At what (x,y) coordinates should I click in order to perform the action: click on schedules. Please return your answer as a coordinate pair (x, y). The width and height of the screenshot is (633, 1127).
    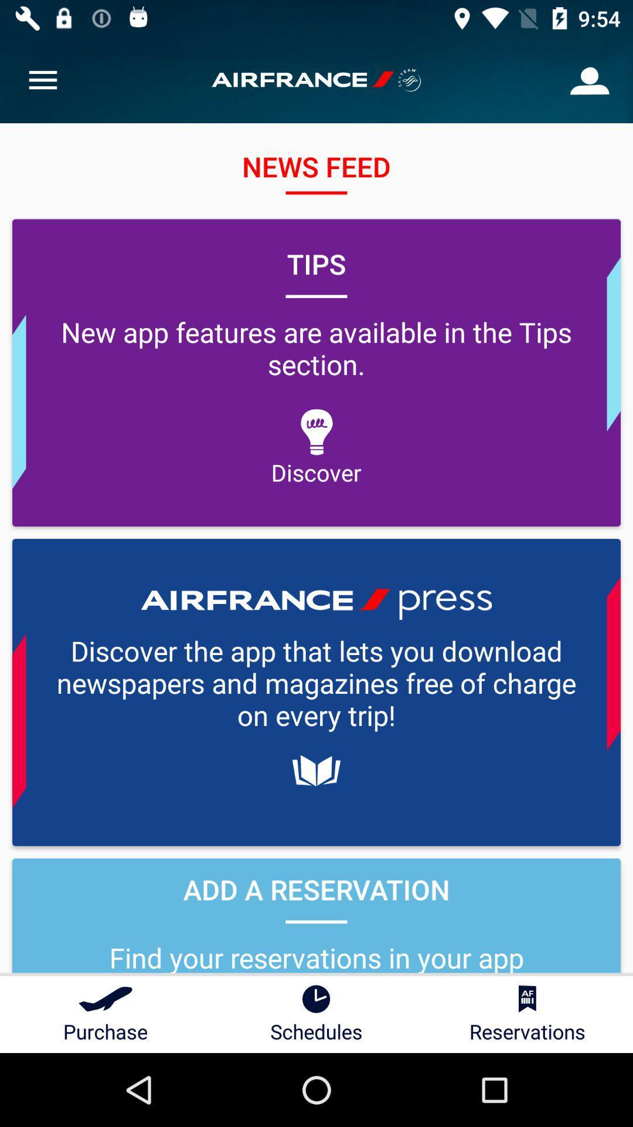
    Looking at the image, I should click on (316, 1014).